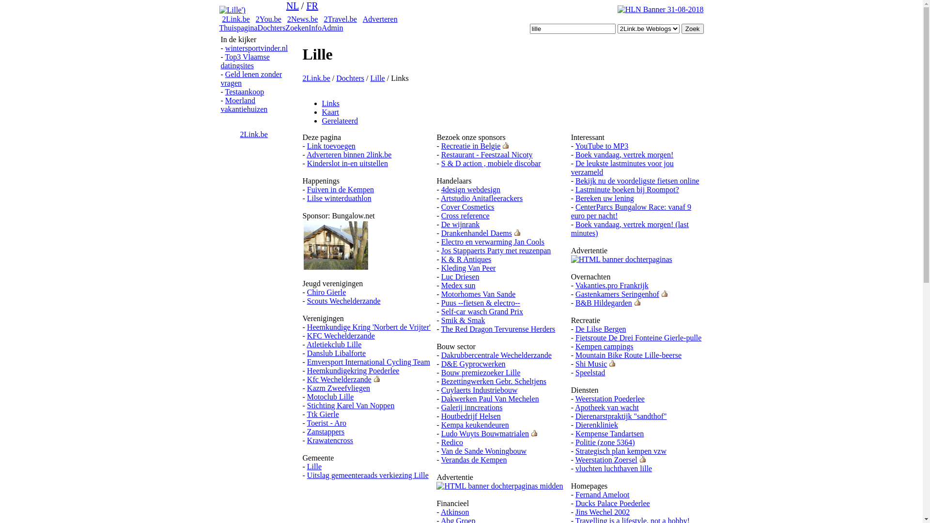 This screenshot has height=523, width=930. Describe the element at coordinates (238, 27) in the screenshot. I see `'Thuispagina'` at that location.